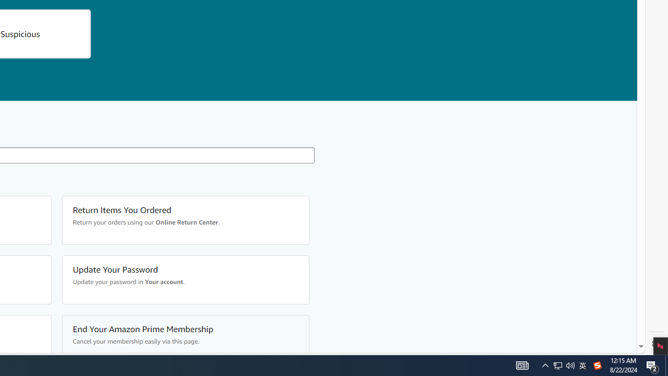 The height and width of the screenshot is (376, 668). What do you see at coordinates (185, 279) in the screenshot?
I see `'Update Your Password Update your password in Your account.'` at bounding box center [185, 279].